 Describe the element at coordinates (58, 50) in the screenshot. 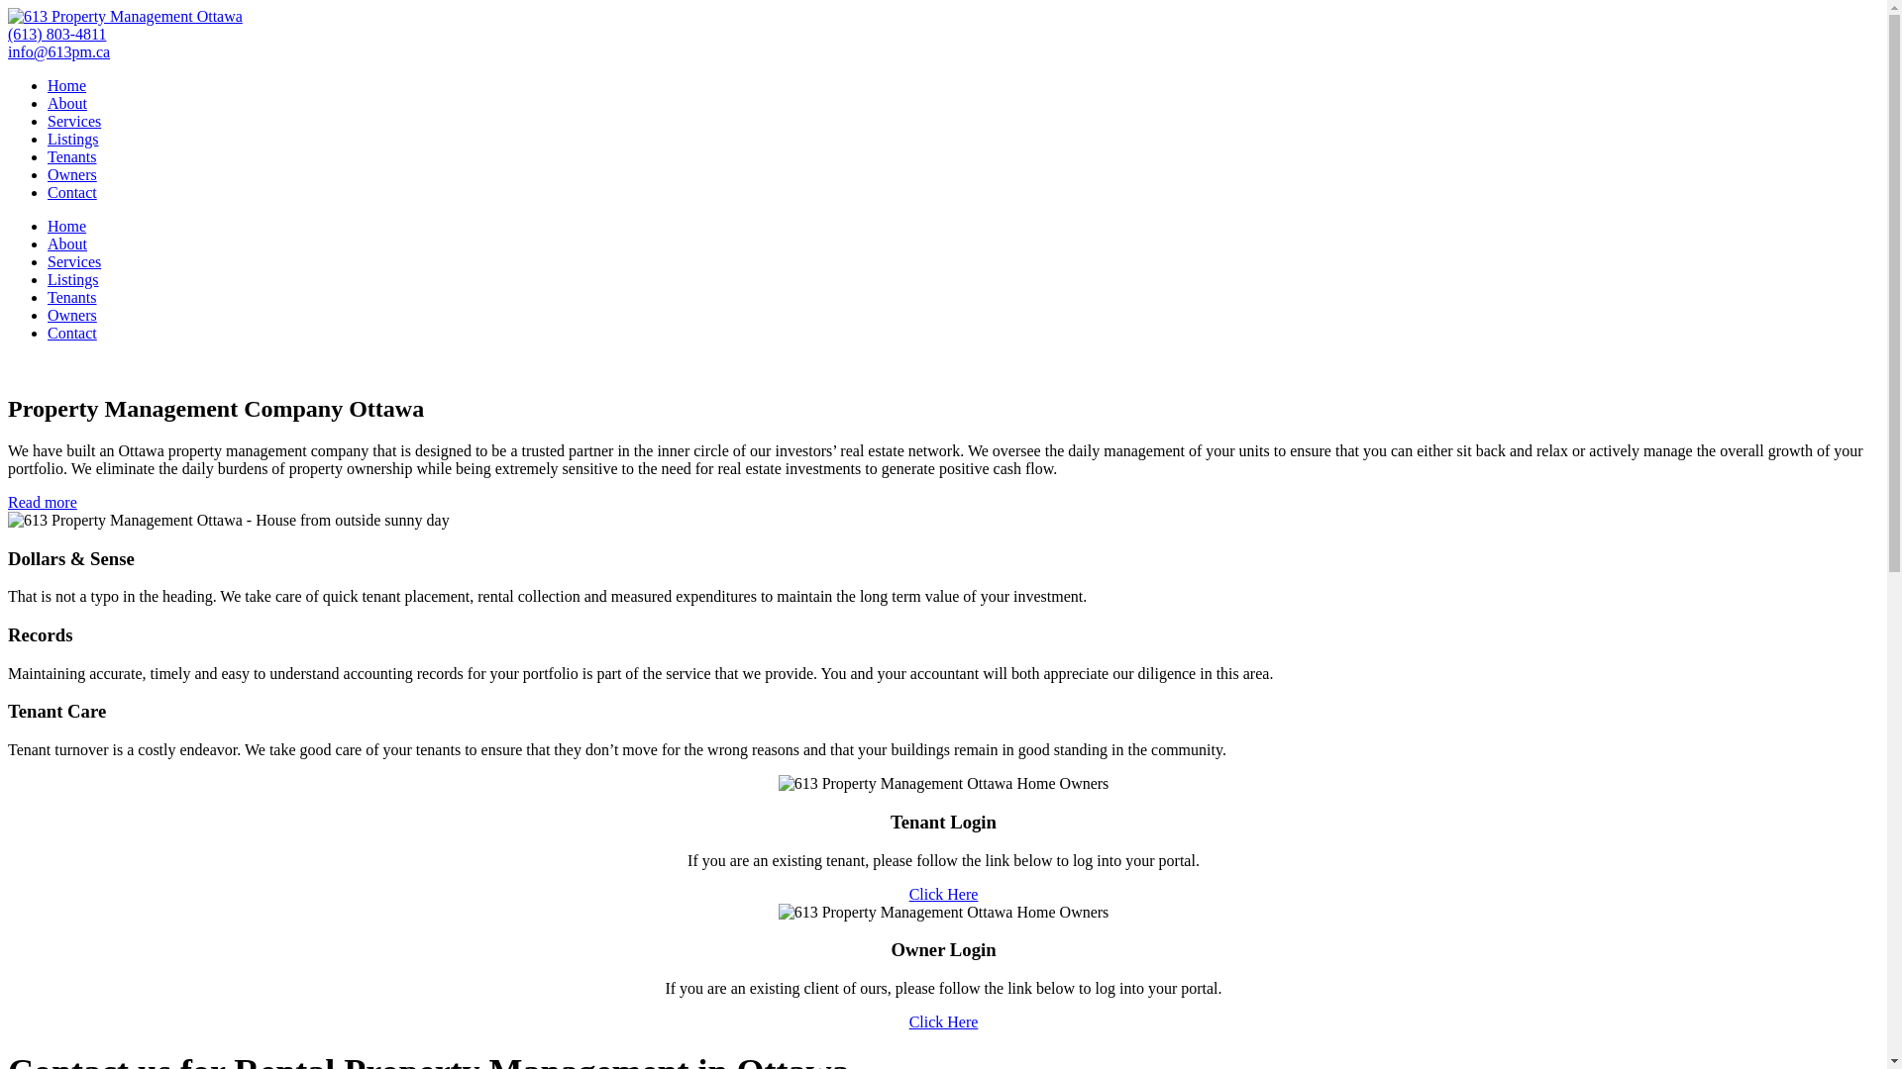

I see `'info@613pm.ca'` at that location.